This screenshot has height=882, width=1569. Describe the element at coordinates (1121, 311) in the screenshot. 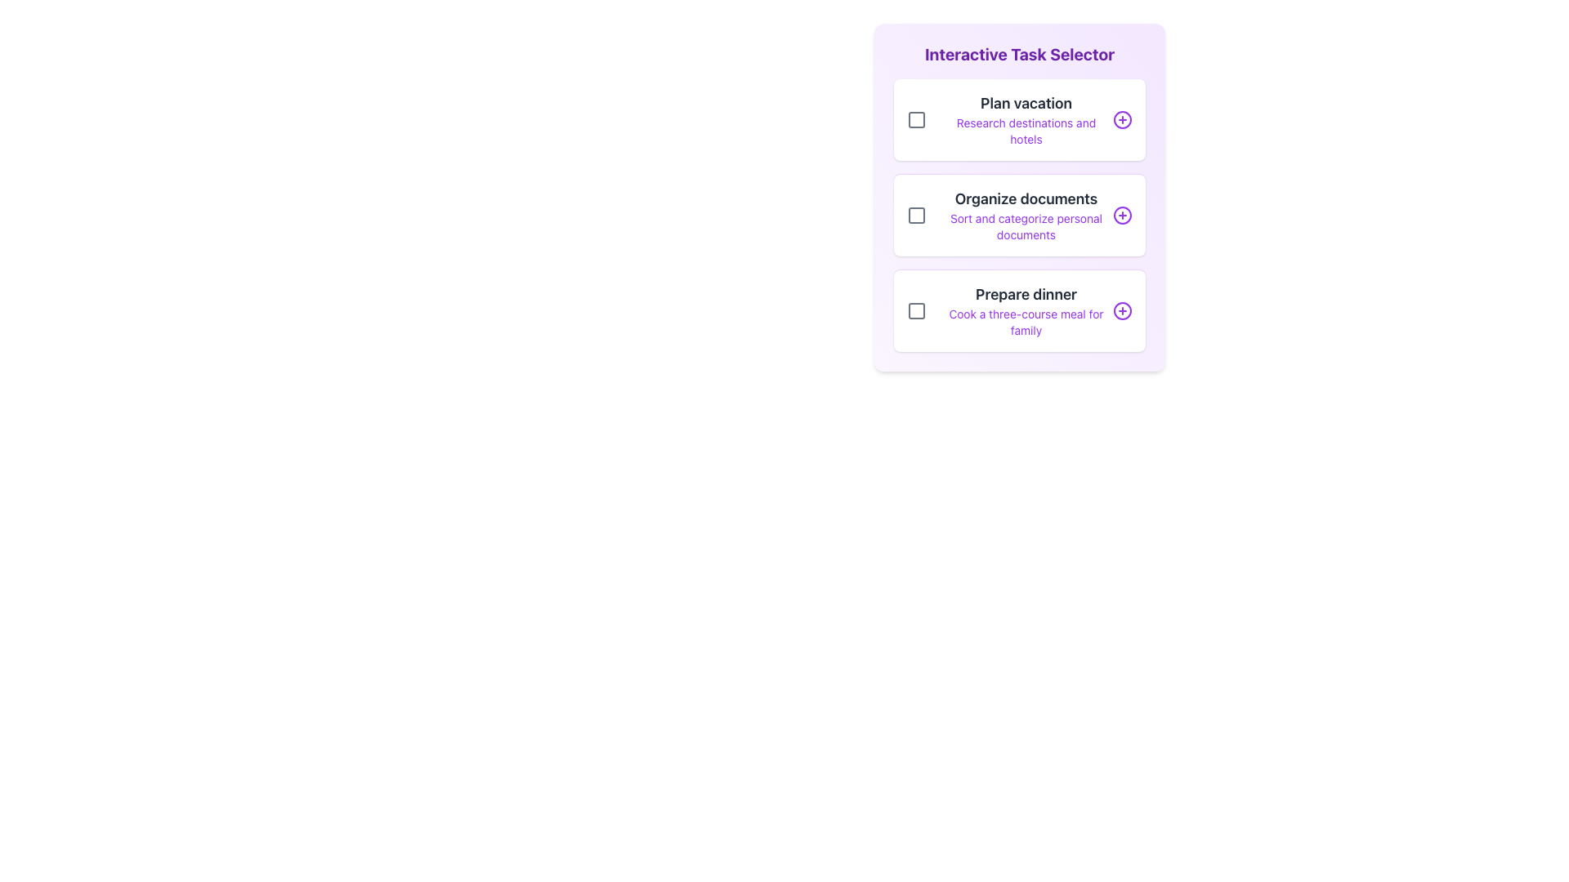

I see `the circular plus icon with a purple stroke located at the center of the plus-sign icon` at that location.